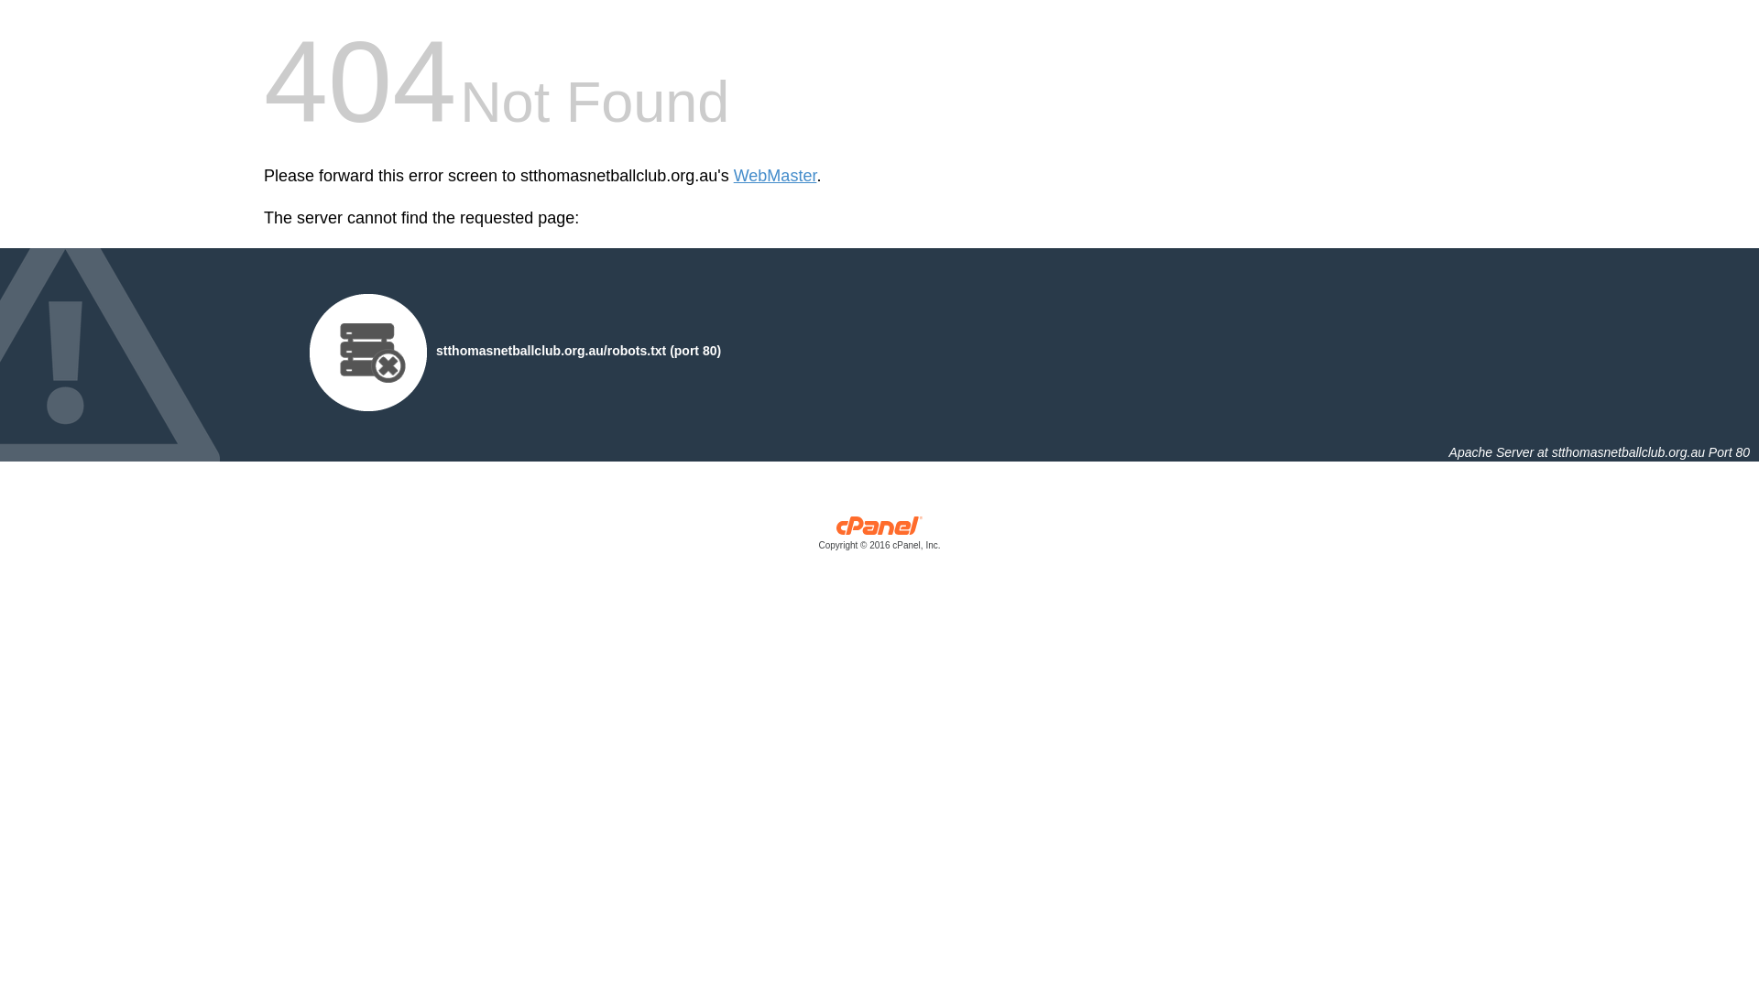 This screenshot has height=989, width=1759. What do you see at coordinates (734, 176) in the screenshot?
I see `'WebMaster'` at bounding box center [734, 176].